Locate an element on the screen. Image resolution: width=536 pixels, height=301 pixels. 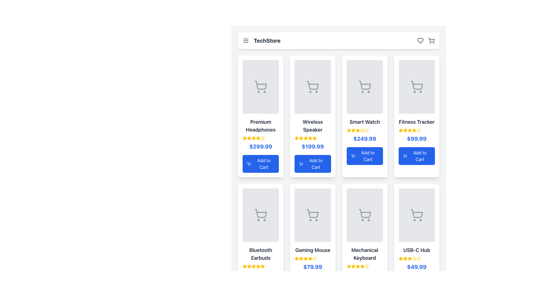
the shopping cart icon located at the rightmost side of the header bar to change its color is located at coordinates (431, 40).